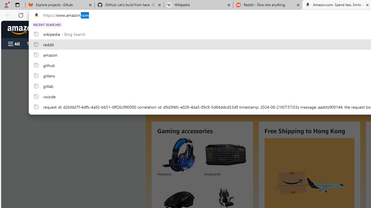 The image size is (371, 208). I want to click on 'Keyboards', so click(225, 155).